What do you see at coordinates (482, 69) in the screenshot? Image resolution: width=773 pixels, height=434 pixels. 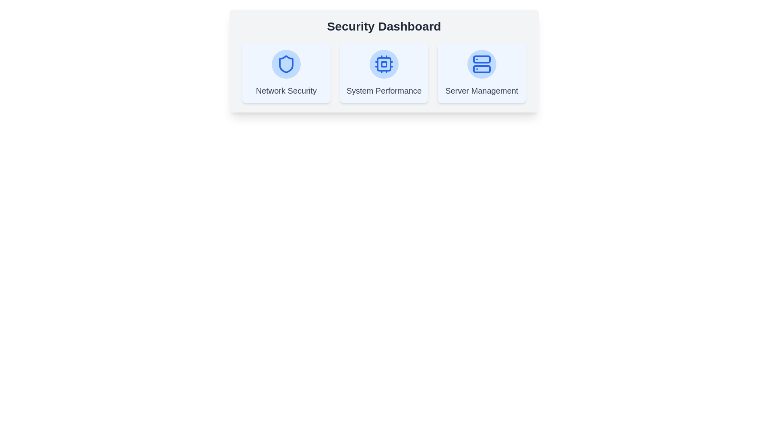 I see `the bottom rectangular decorative UI component within the 'Server Management' icon located below the dashboard header` at bounding box center [482, 69].